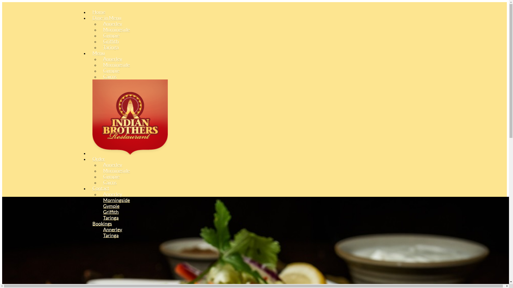 This screenshot has width=513, height=288. Describe the element at coordinates (110, 218) in the screenshot. I see `'Taringa'` at that location.